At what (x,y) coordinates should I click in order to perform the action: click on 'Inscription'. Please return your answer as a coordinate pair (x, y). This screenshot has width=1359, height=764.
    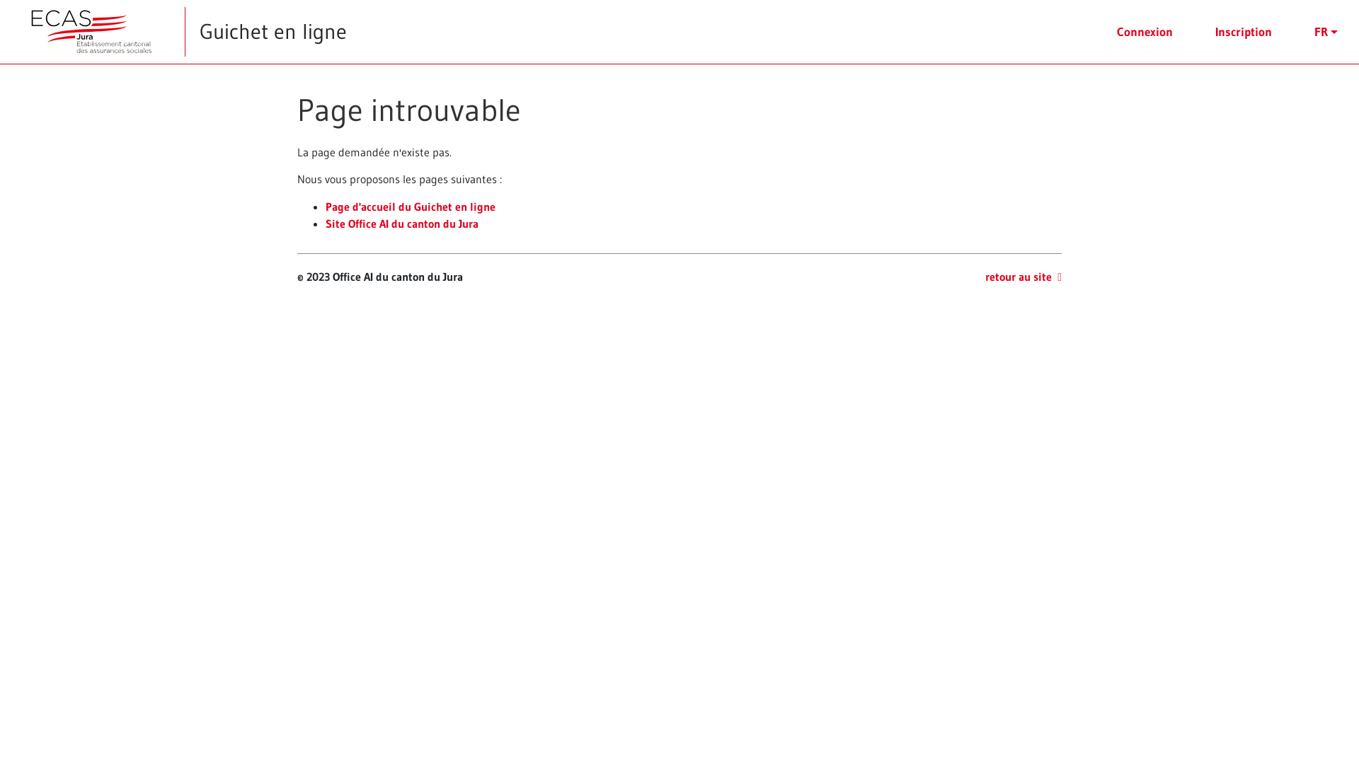
    Looking at the image, I should click on (1242, 32).